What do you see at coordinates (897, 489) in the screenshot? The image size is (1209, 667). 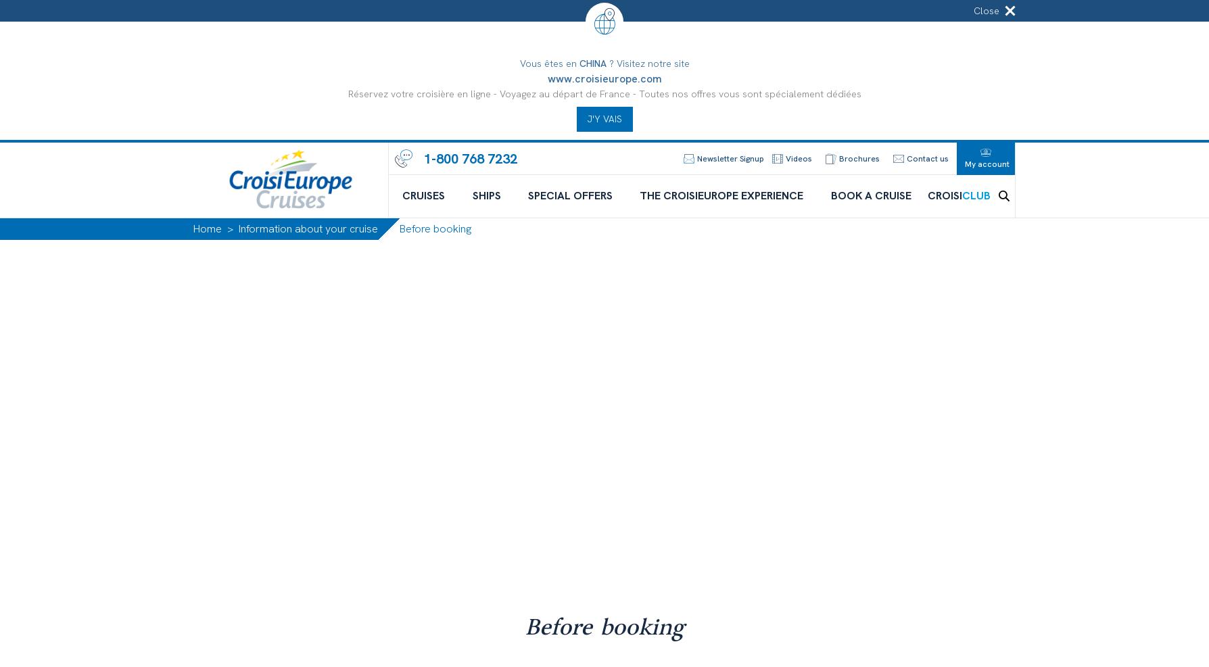 I see `'Staying before departure'` at bounding box center [897, 489].